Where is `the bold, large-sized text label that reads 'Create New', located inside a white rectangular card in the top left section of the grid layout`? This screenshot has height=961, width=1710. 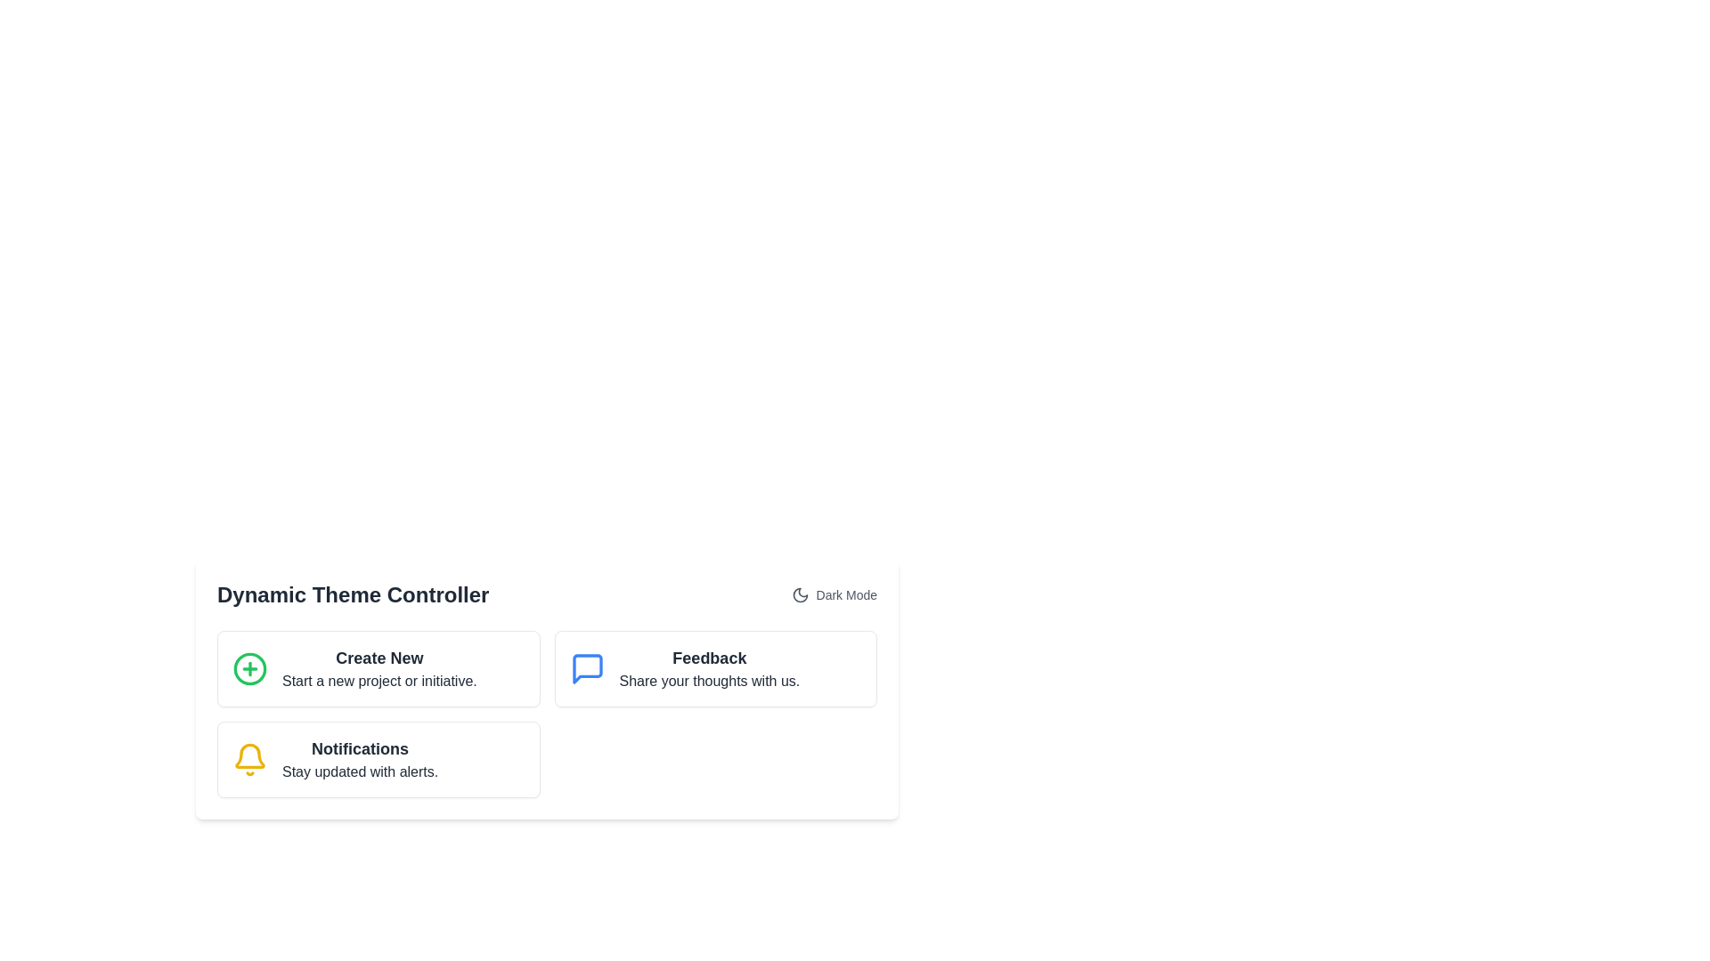
the bold, large-sized text label that reads 'Create New', located inside a white rectangular card in the top left section of the grid layout is located at coordinates (379, 658).